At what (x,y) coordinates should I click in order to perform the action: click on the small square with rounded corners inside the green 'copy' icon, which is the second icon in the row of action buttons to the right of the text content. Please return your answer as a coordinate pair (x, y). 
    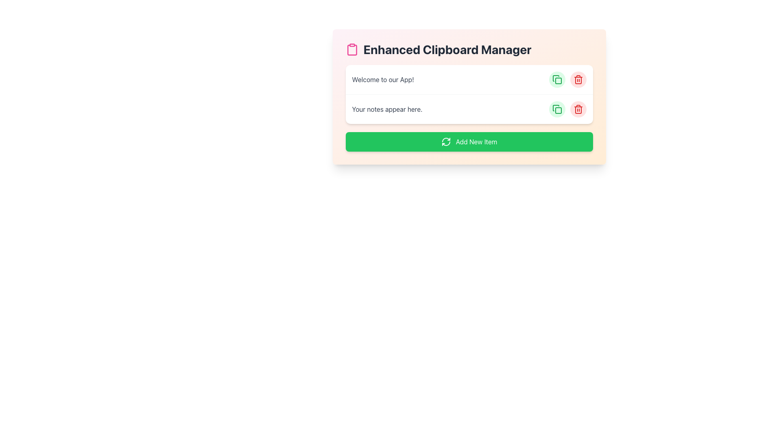
    Looking at the image, I should click on (558, 111).